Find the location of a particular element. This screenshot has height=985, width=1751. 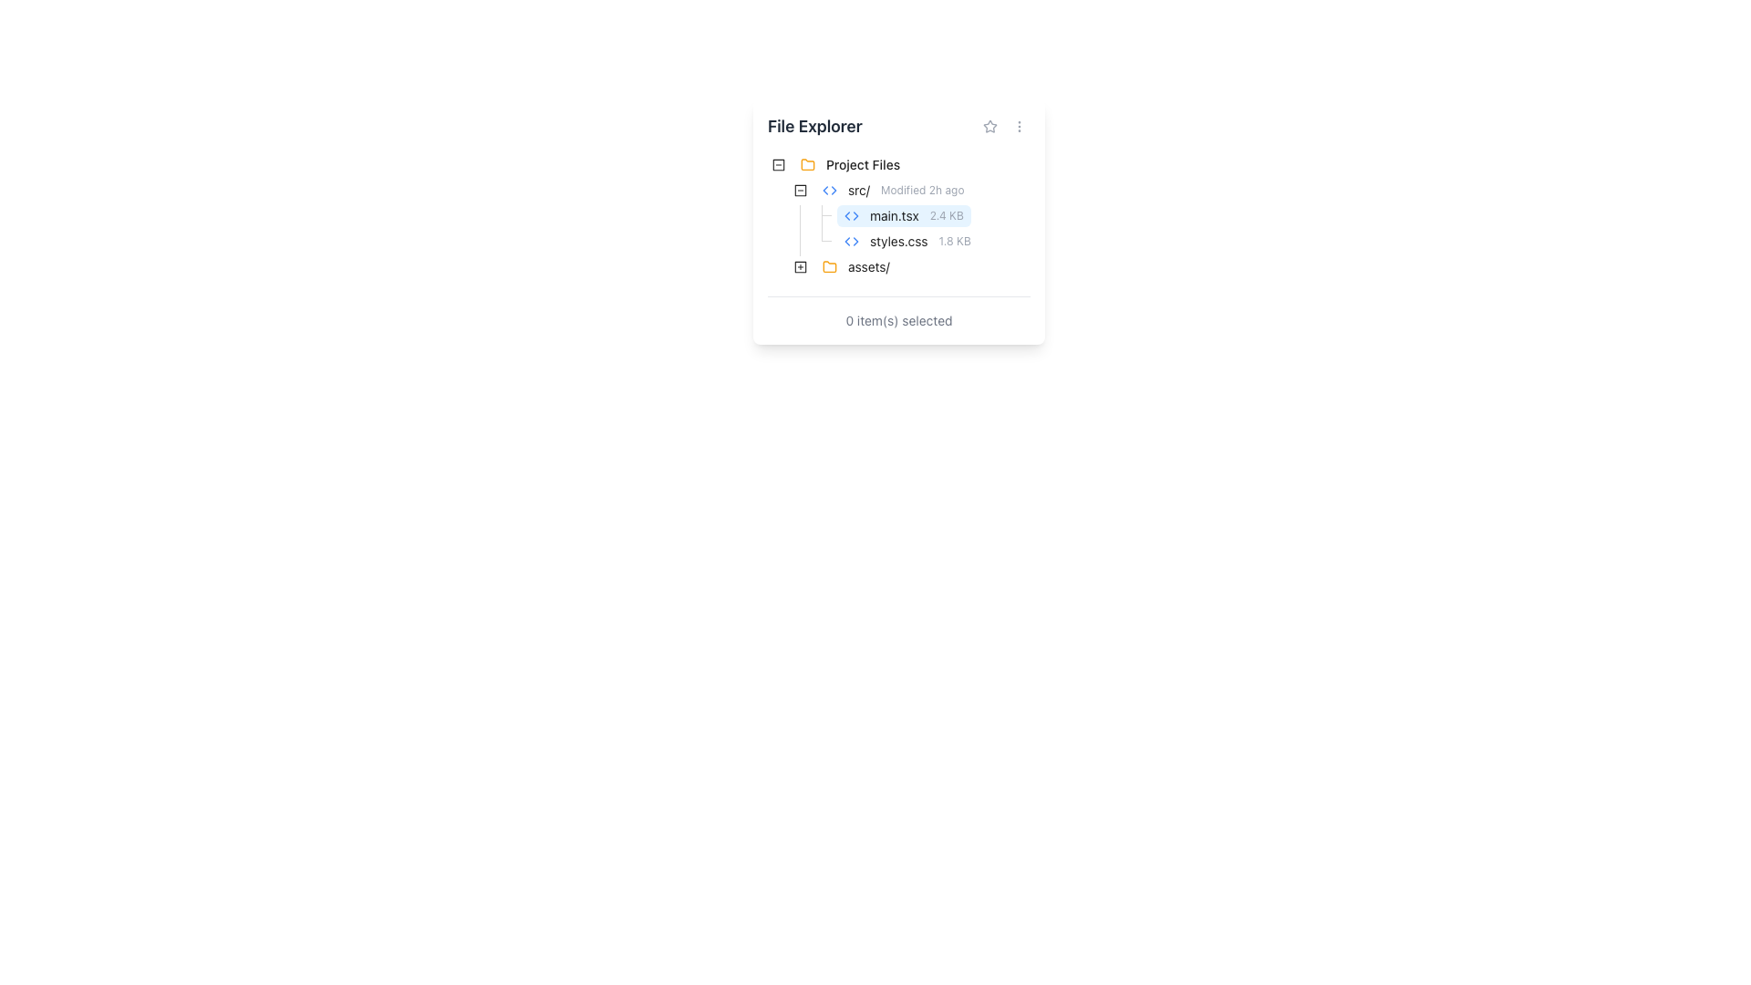

the informational text displaying '0 item(s) selected', which is located at the bottom of a bordered section in the file explorer interface is located at coordinates (898, 319).